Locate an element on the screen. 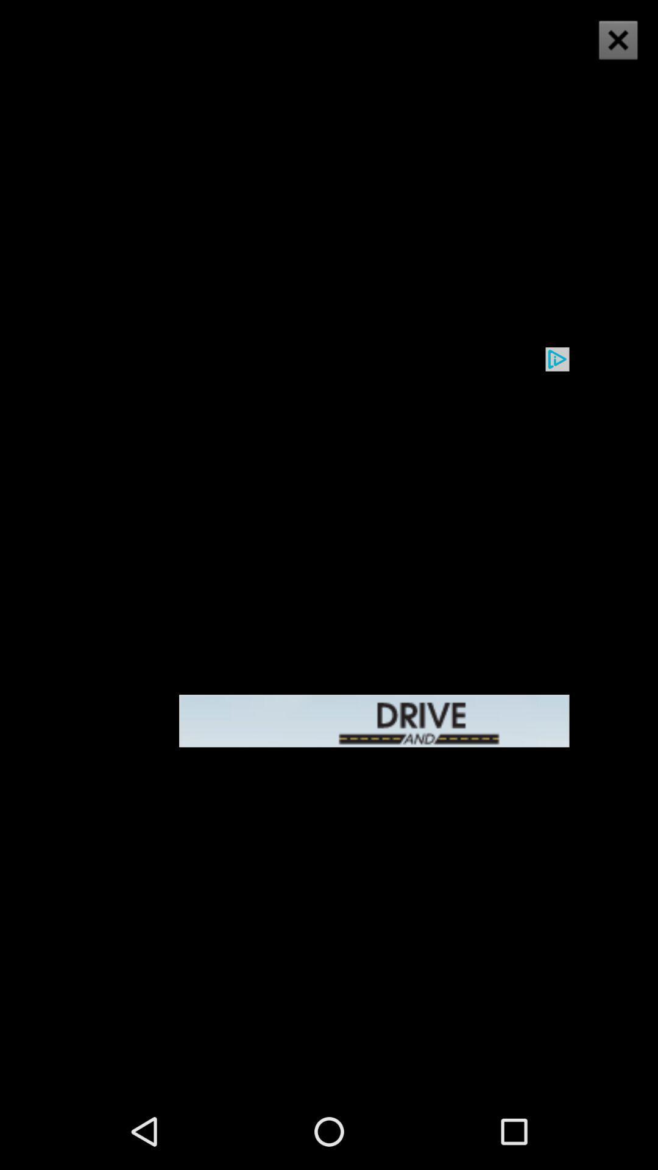 The height and width of the screenshot is (1170, 658). the close icon is located at coordinates (618, 43).